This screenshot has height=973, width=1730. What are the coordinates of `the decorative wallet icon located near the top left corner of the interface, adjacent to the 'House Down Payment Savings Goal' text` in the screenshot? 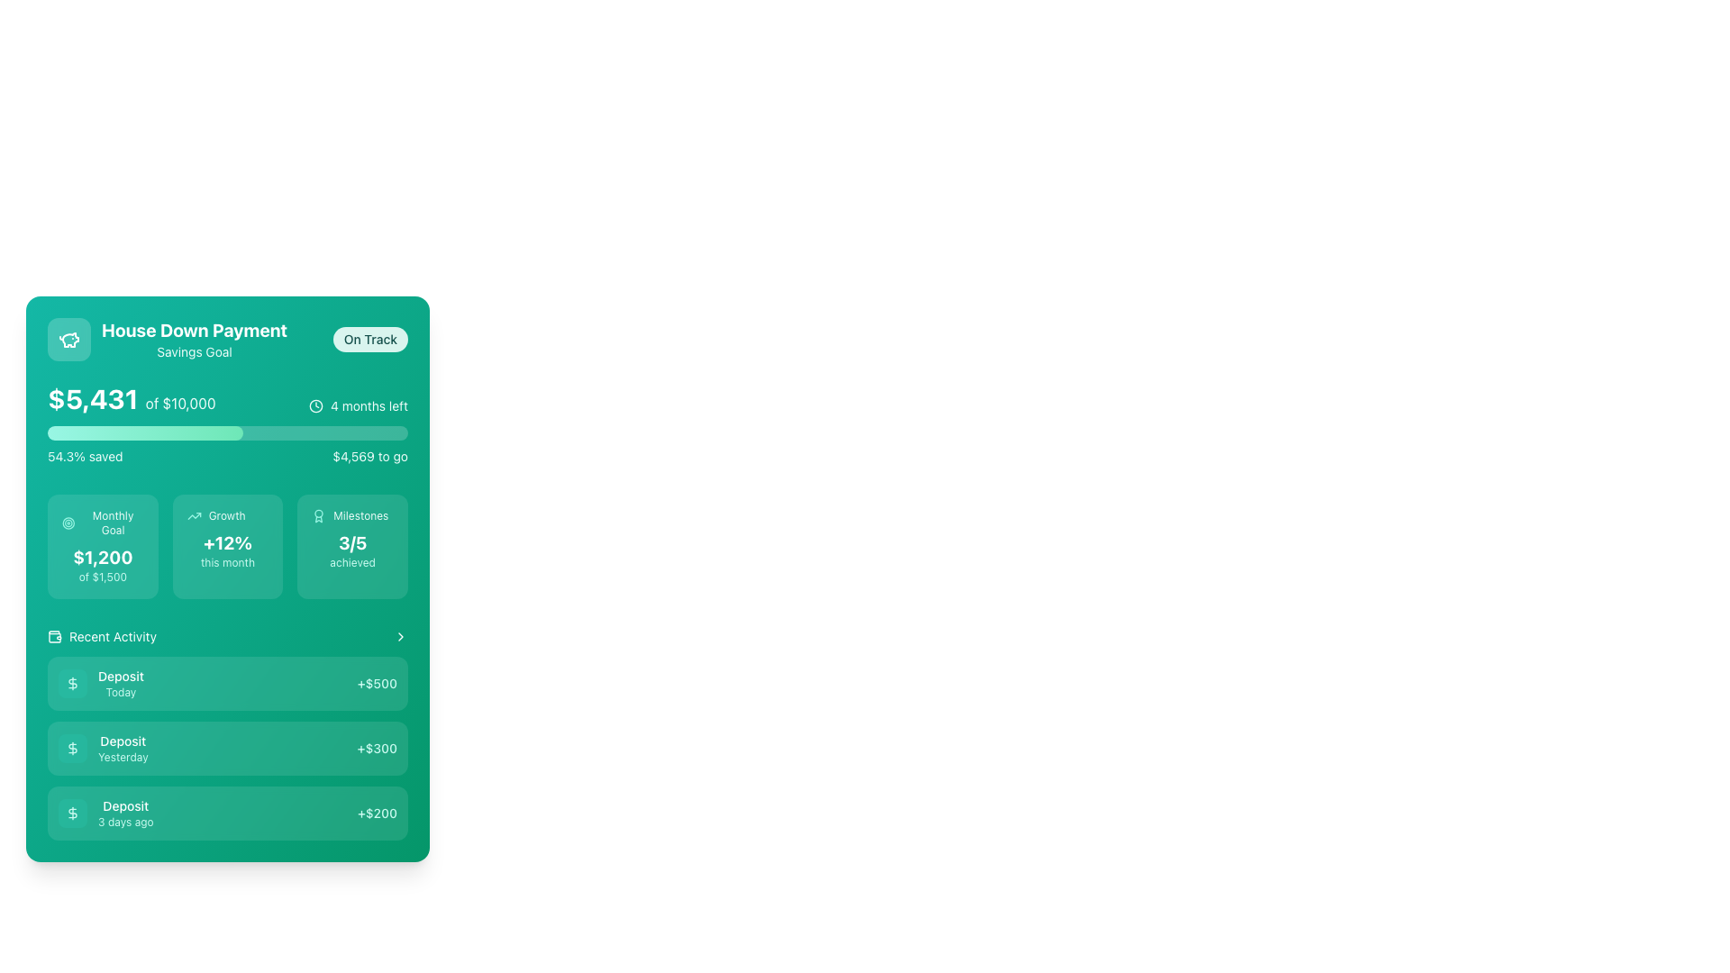 It's located at (55, 634).